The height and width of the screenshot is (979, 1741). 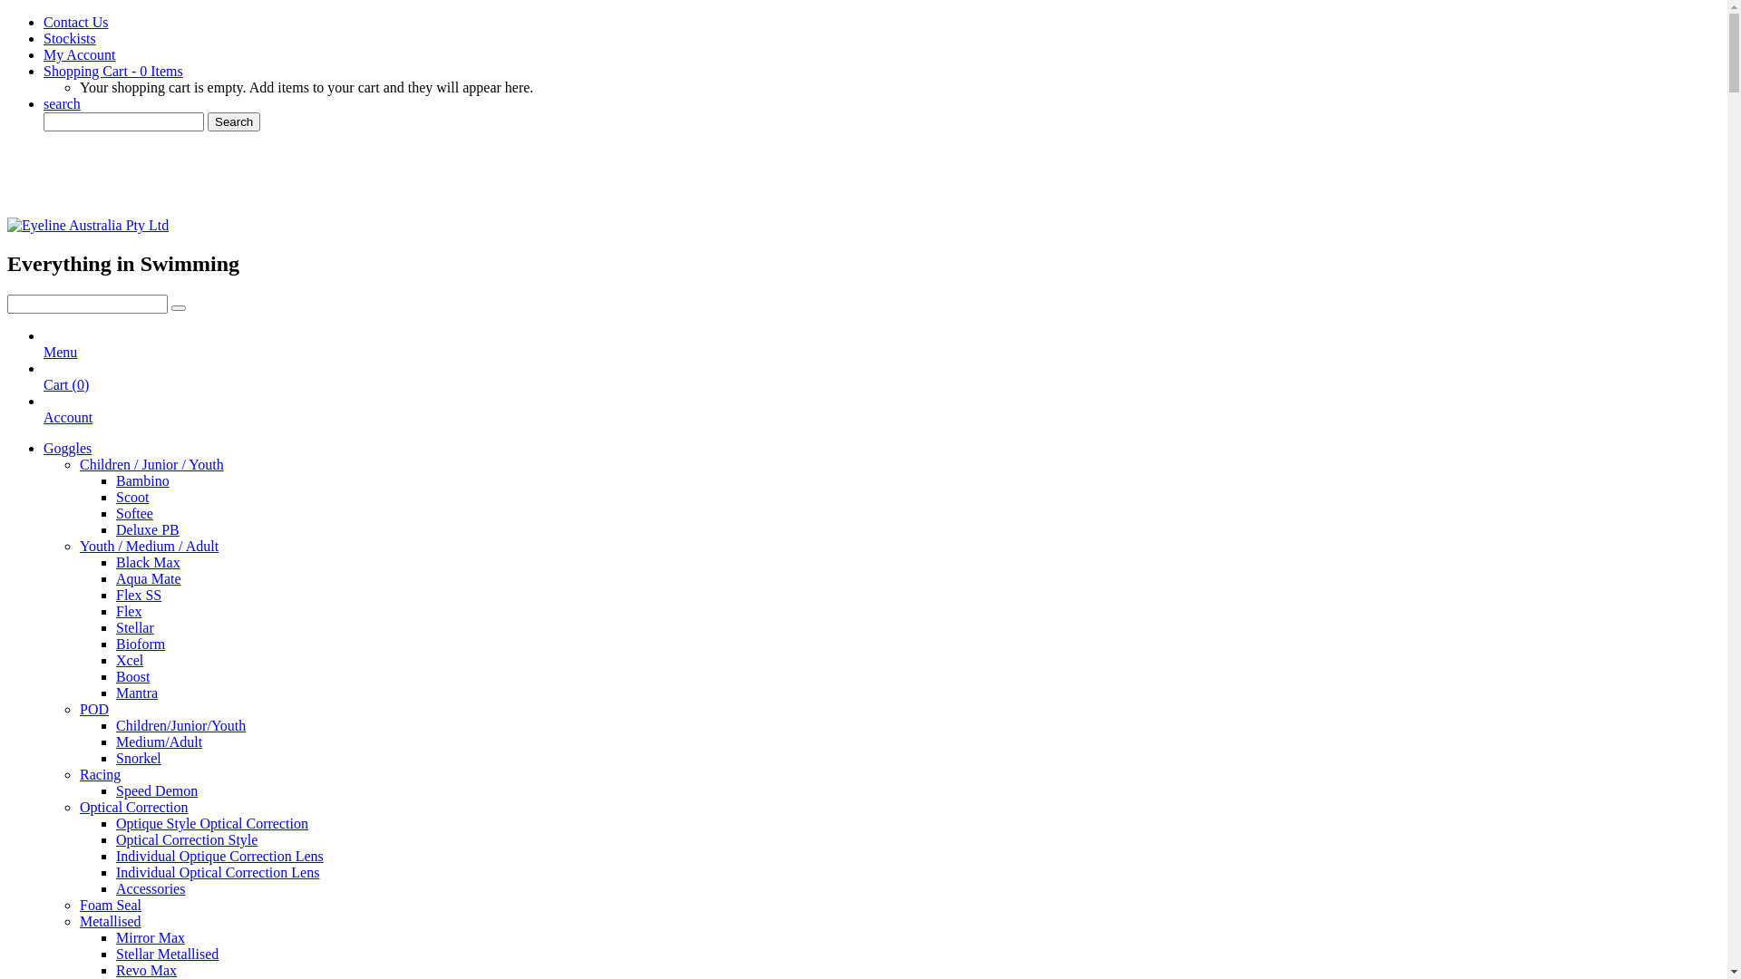 What do you see at coordinates (141, 480) in the screenshot?
I see `'Bambino'` at bounding box center [141, 480].